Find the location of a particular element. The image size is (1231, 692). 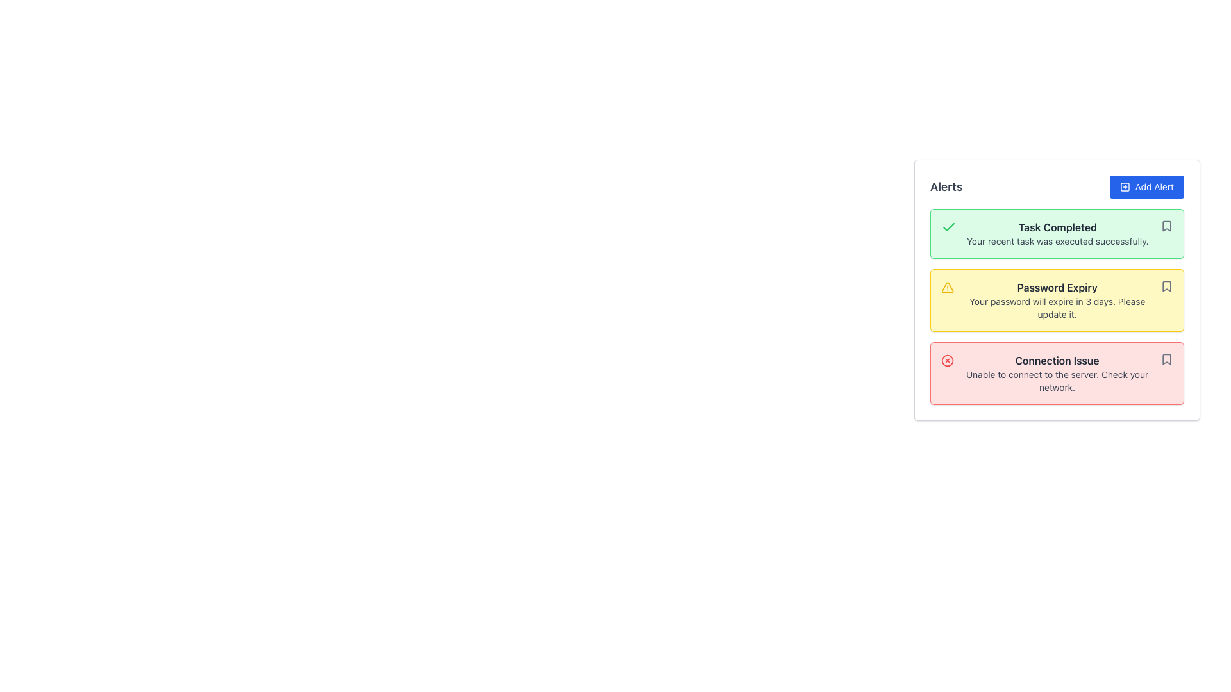

bold text label 'Password Expiry' which is styled with a medium font size and is located within a warning alert box against a light yellow background is located at coordinates (1057, 286).